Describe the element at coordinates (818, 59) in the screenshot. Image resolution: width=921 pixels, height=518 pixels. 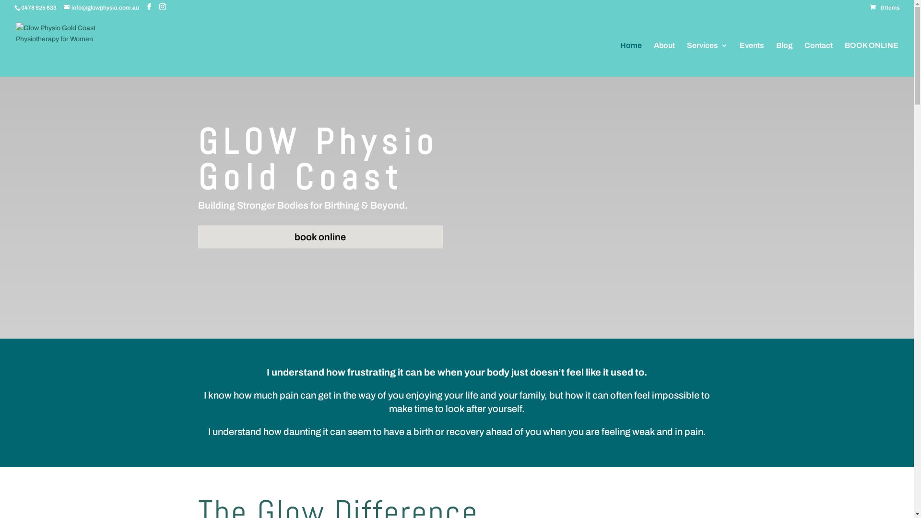
I see `'Contact'` at that location.